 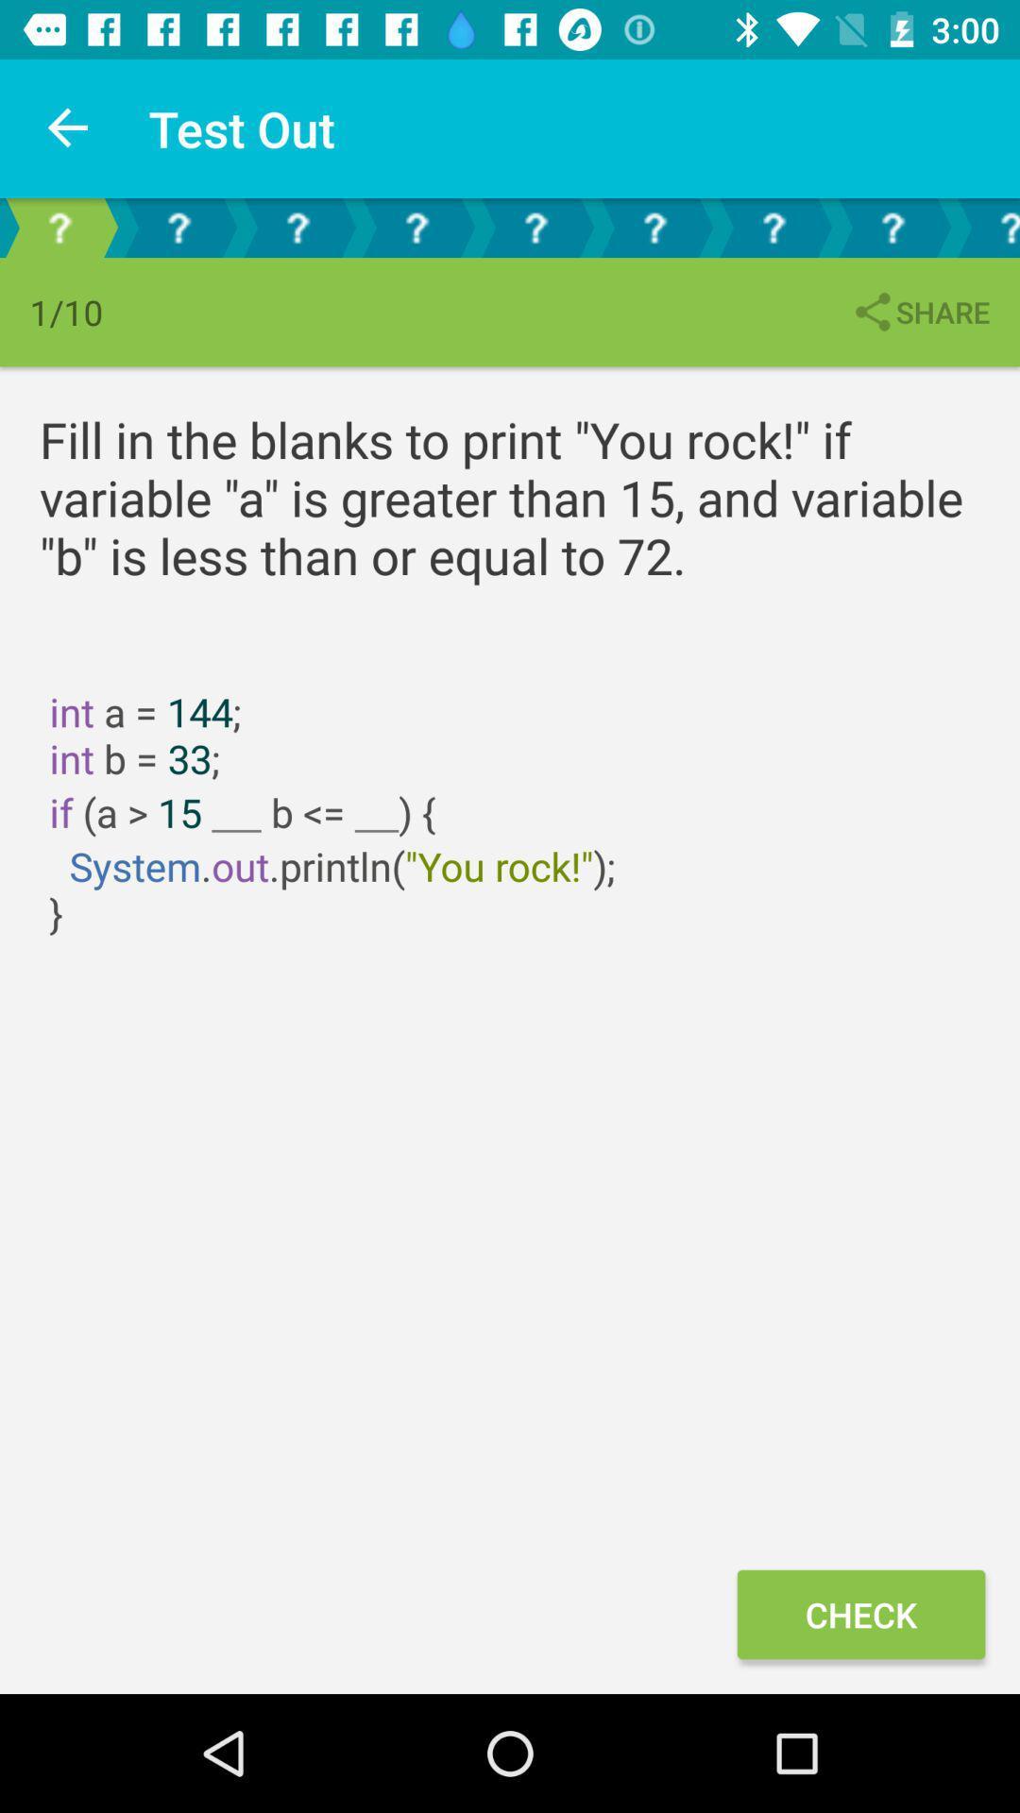 I want to click on the help icon, so click(x=58, y=227).